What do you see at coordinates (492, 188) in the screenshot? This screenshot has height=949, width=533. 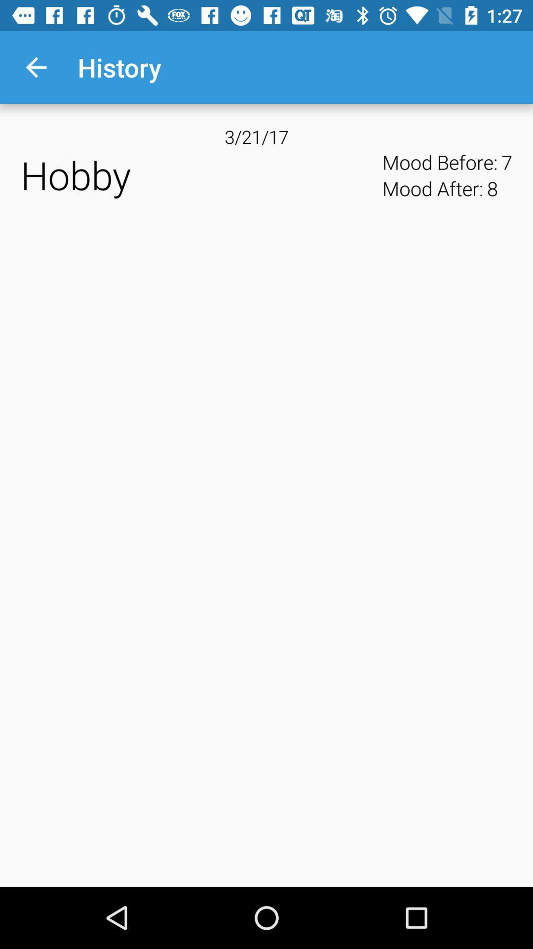 I see `icon to the left of 7` at bounding box center [492, 188].